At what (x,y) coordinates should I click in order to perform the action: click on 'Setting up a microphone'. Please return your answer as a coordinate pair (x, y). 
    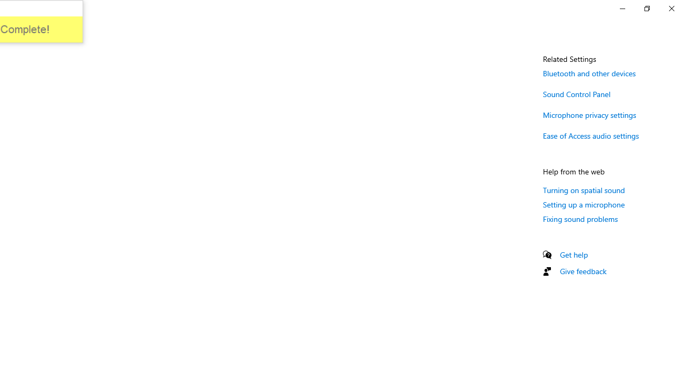
    Looking at the image, I should click on (584, 204).